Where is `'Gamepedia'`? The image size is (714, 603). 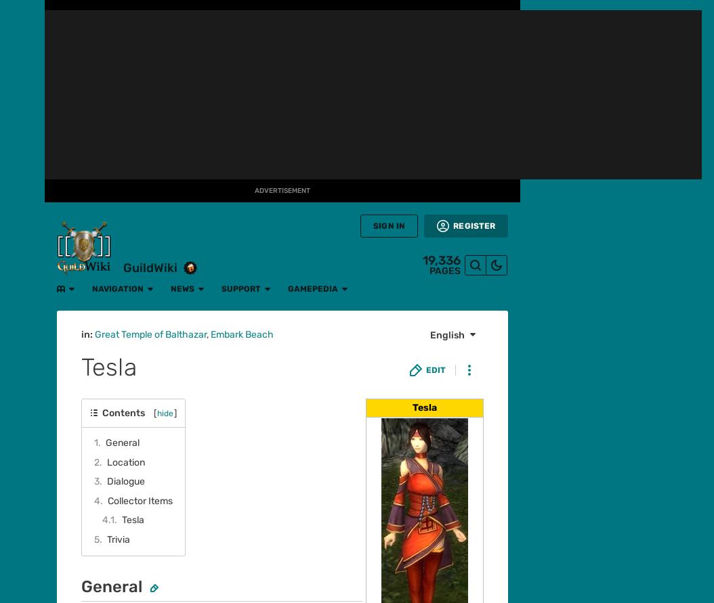
'Gamepedia' is located at coordinates (284, 15).